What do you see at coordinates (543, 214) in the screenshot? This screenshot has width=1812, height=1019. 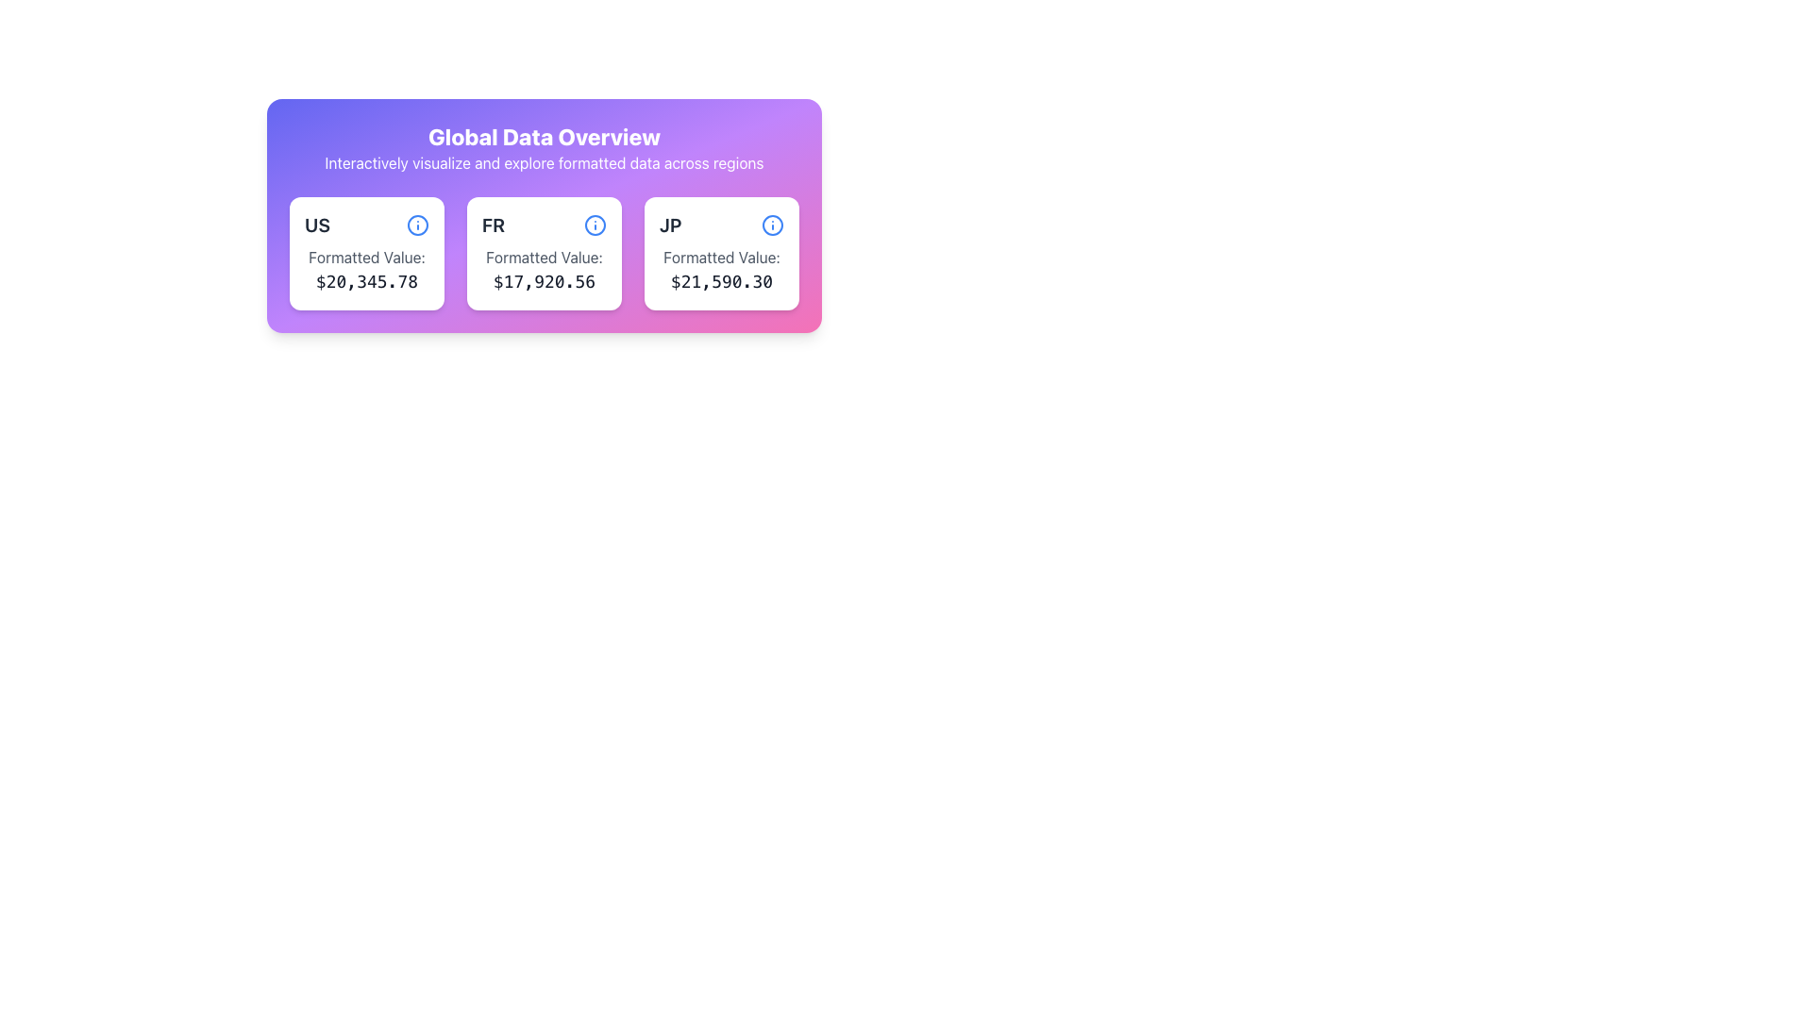 I see `the data display card titled 'FR' that shows the formatted value '$17,920.56' within the grid layout under 'Global Data Overview'` at bounding box center [543, 214].